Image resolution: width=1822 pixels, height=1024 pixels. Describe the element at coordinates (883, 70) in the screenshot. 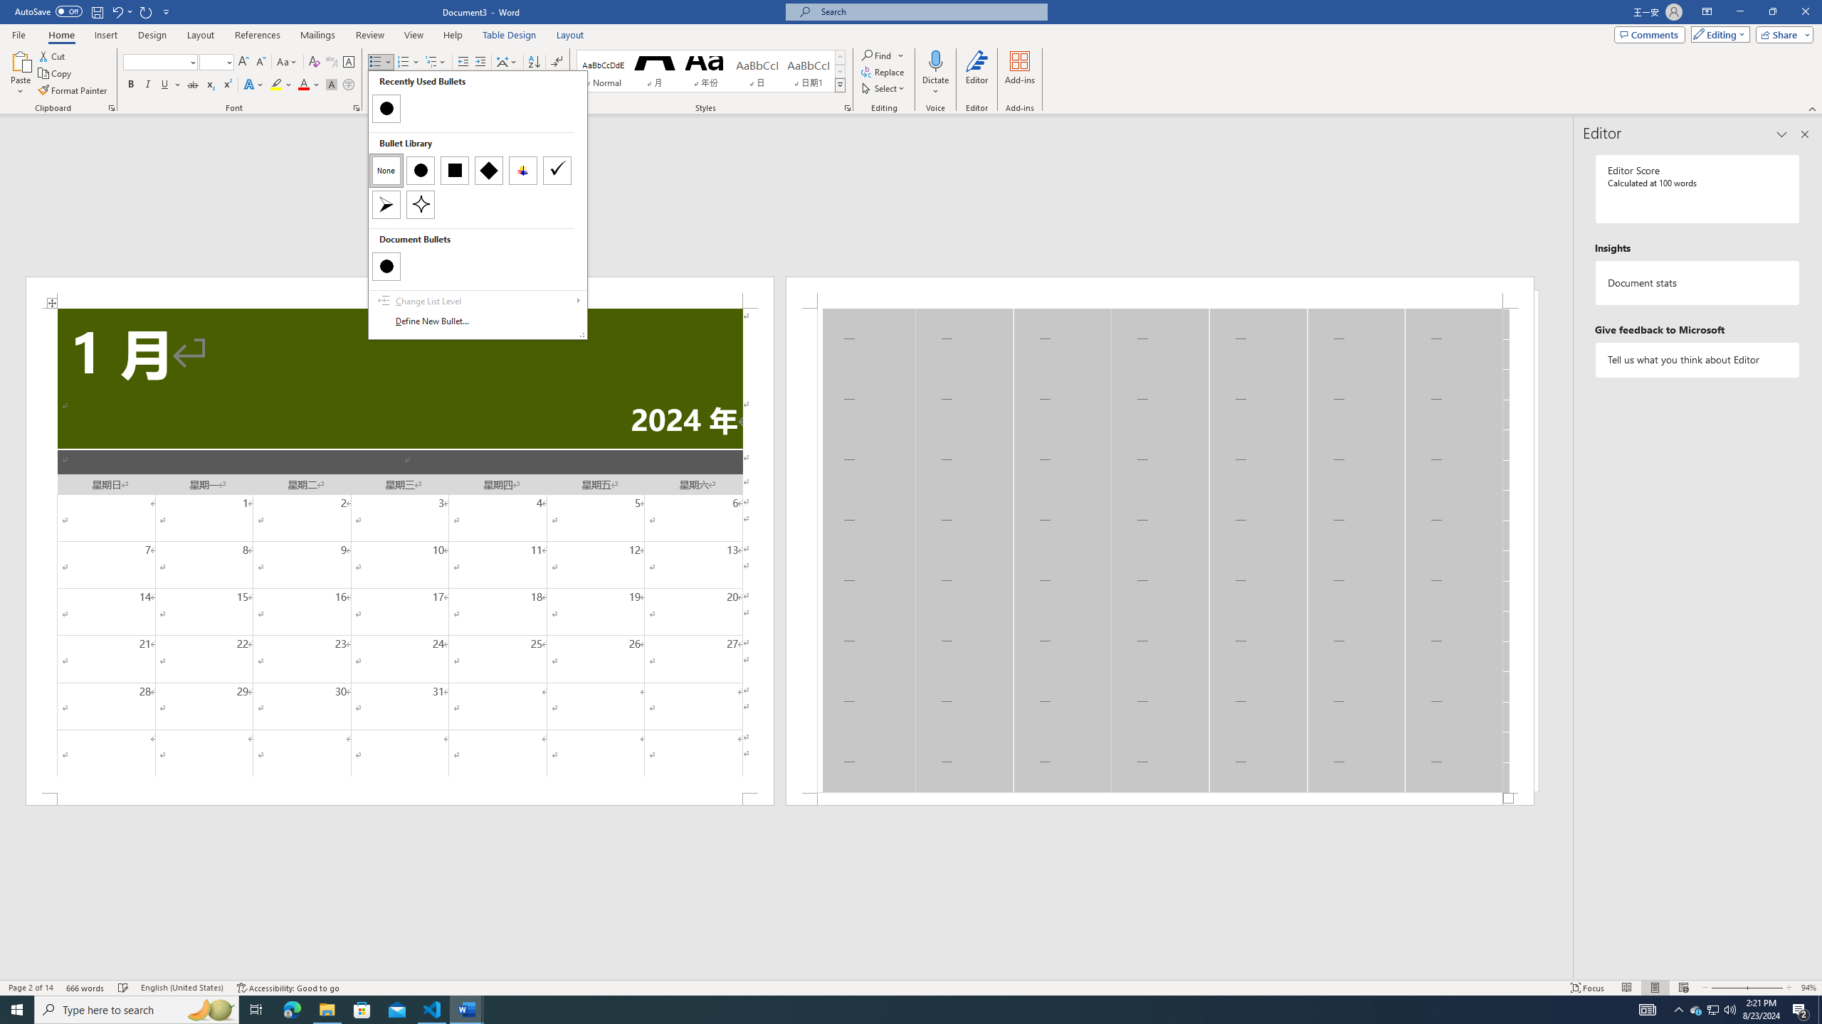

I see `'Replace...'` at that location.